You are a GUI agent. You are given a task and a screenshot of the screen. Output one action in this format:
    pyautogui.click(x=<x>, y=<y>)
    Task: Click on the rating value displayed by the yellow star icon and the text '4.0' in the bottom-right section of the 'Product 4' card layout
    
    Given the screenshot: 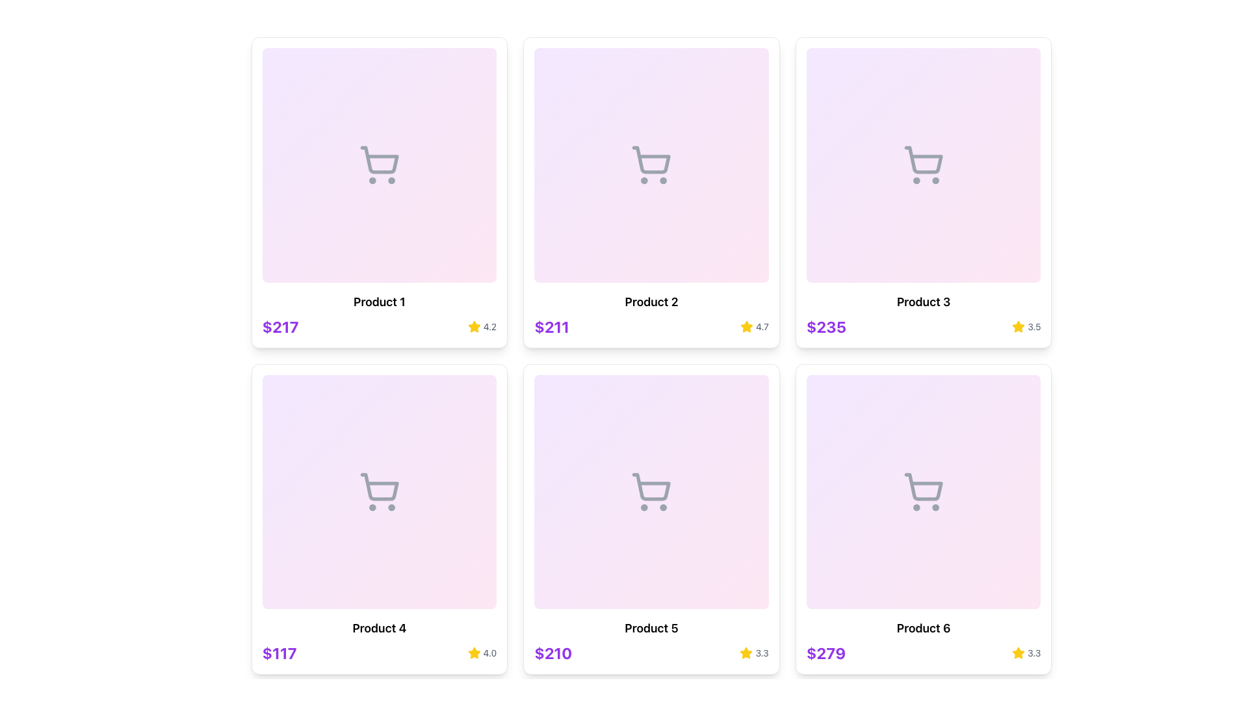 What is the action you would take?
    pyautogui.click(x=481, y=653)
    